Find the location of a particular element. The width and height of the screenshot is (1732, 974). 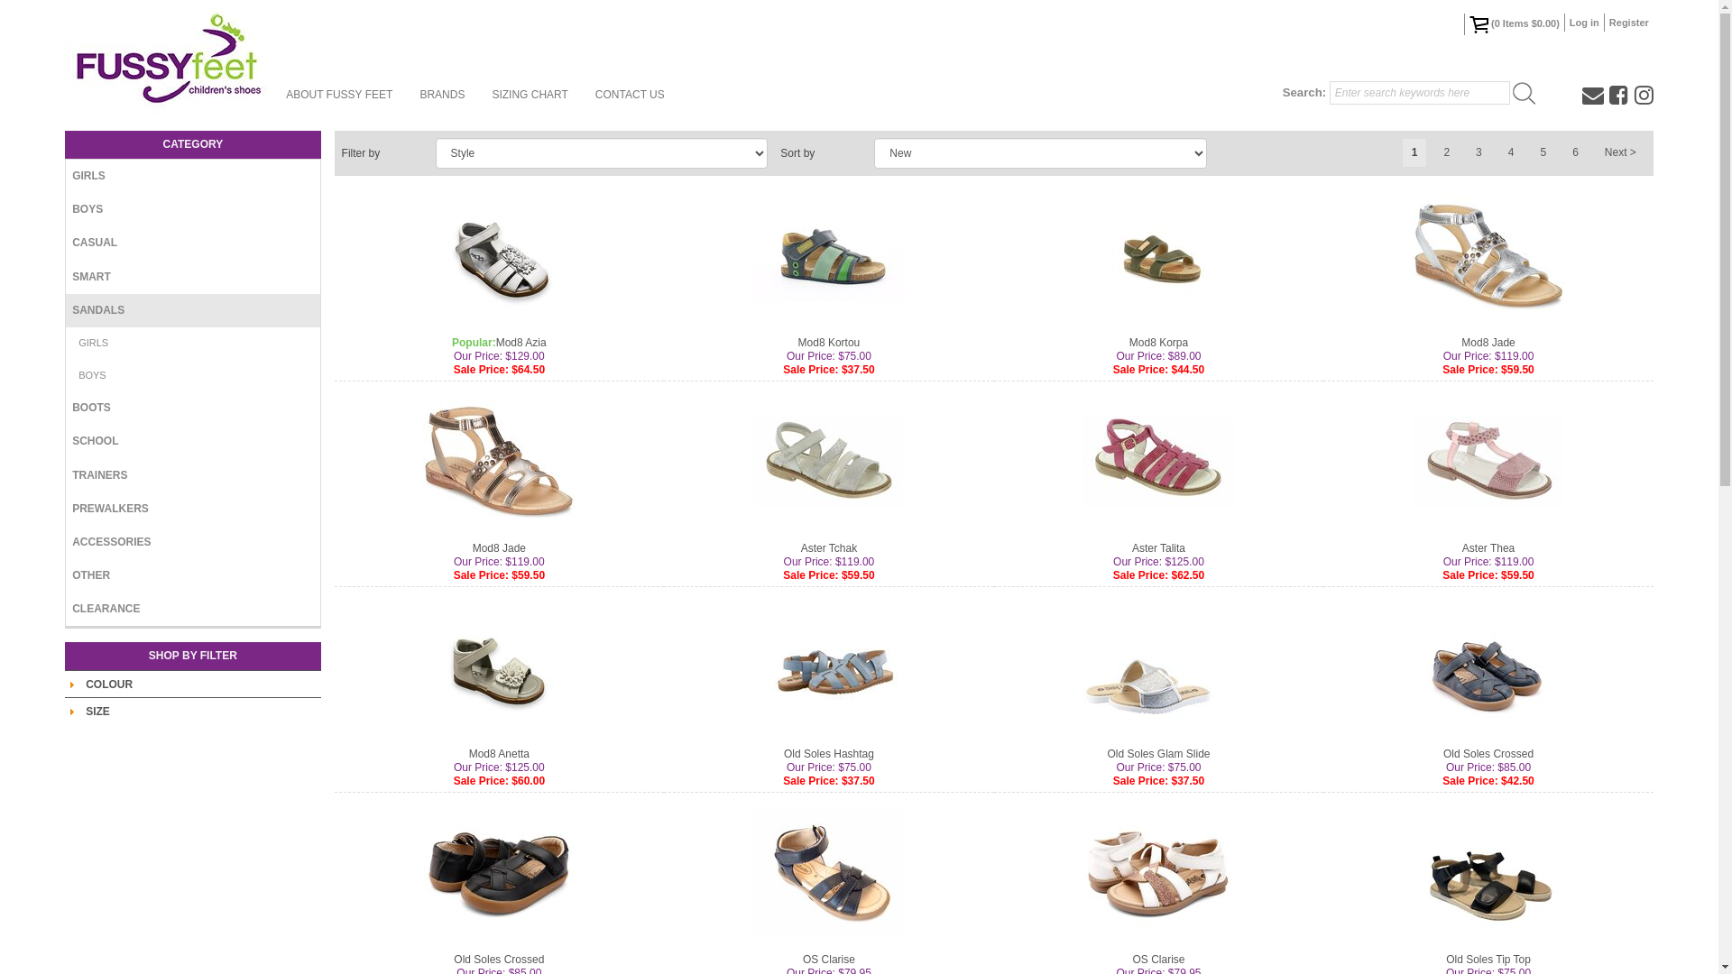

'CASUAL' is located at coordinates (192, 242).